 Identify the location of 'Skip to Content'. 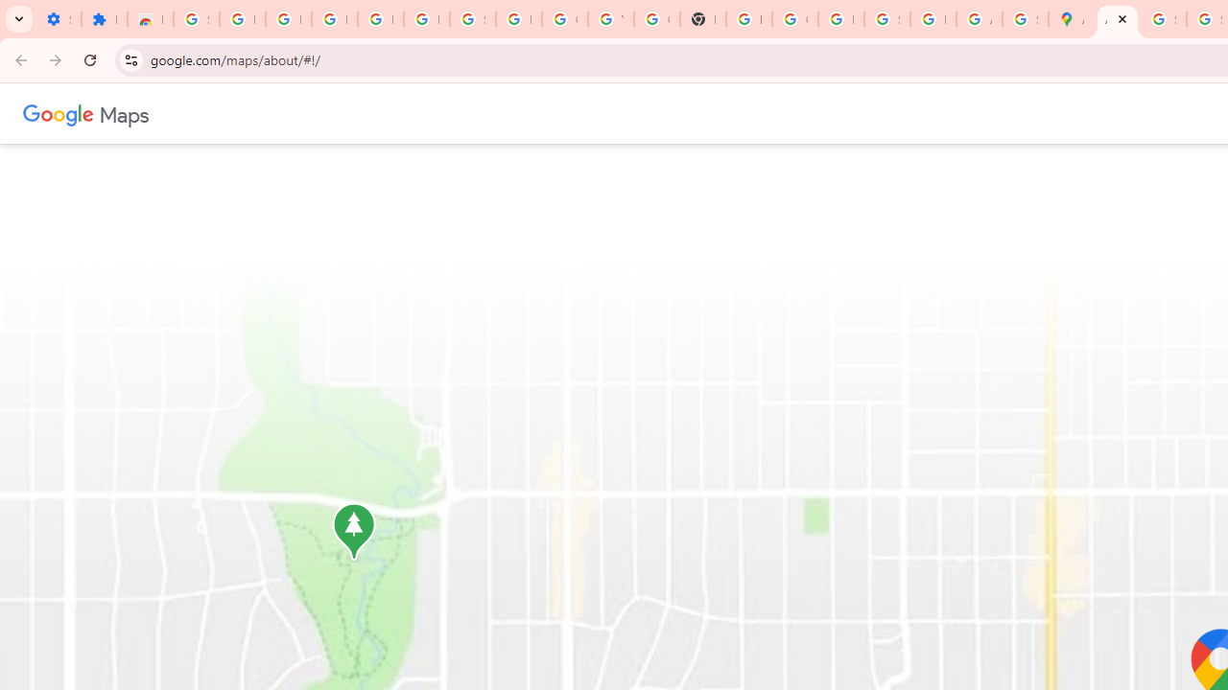
(252, 111).